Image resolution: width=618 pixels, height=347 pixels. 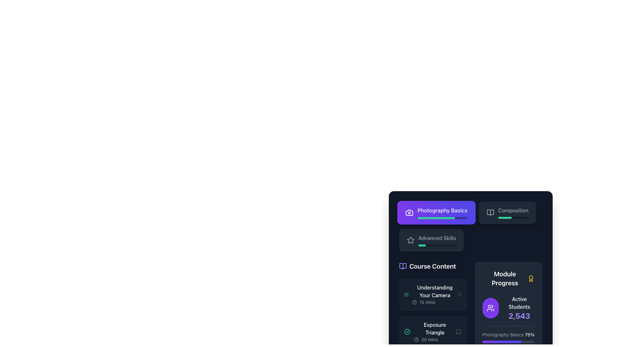 I want to click on the label that provides descriptive text about the content, located to the right of the 'Photography Basics' button and adjacent to a book icon, so click(x=513, y=210).